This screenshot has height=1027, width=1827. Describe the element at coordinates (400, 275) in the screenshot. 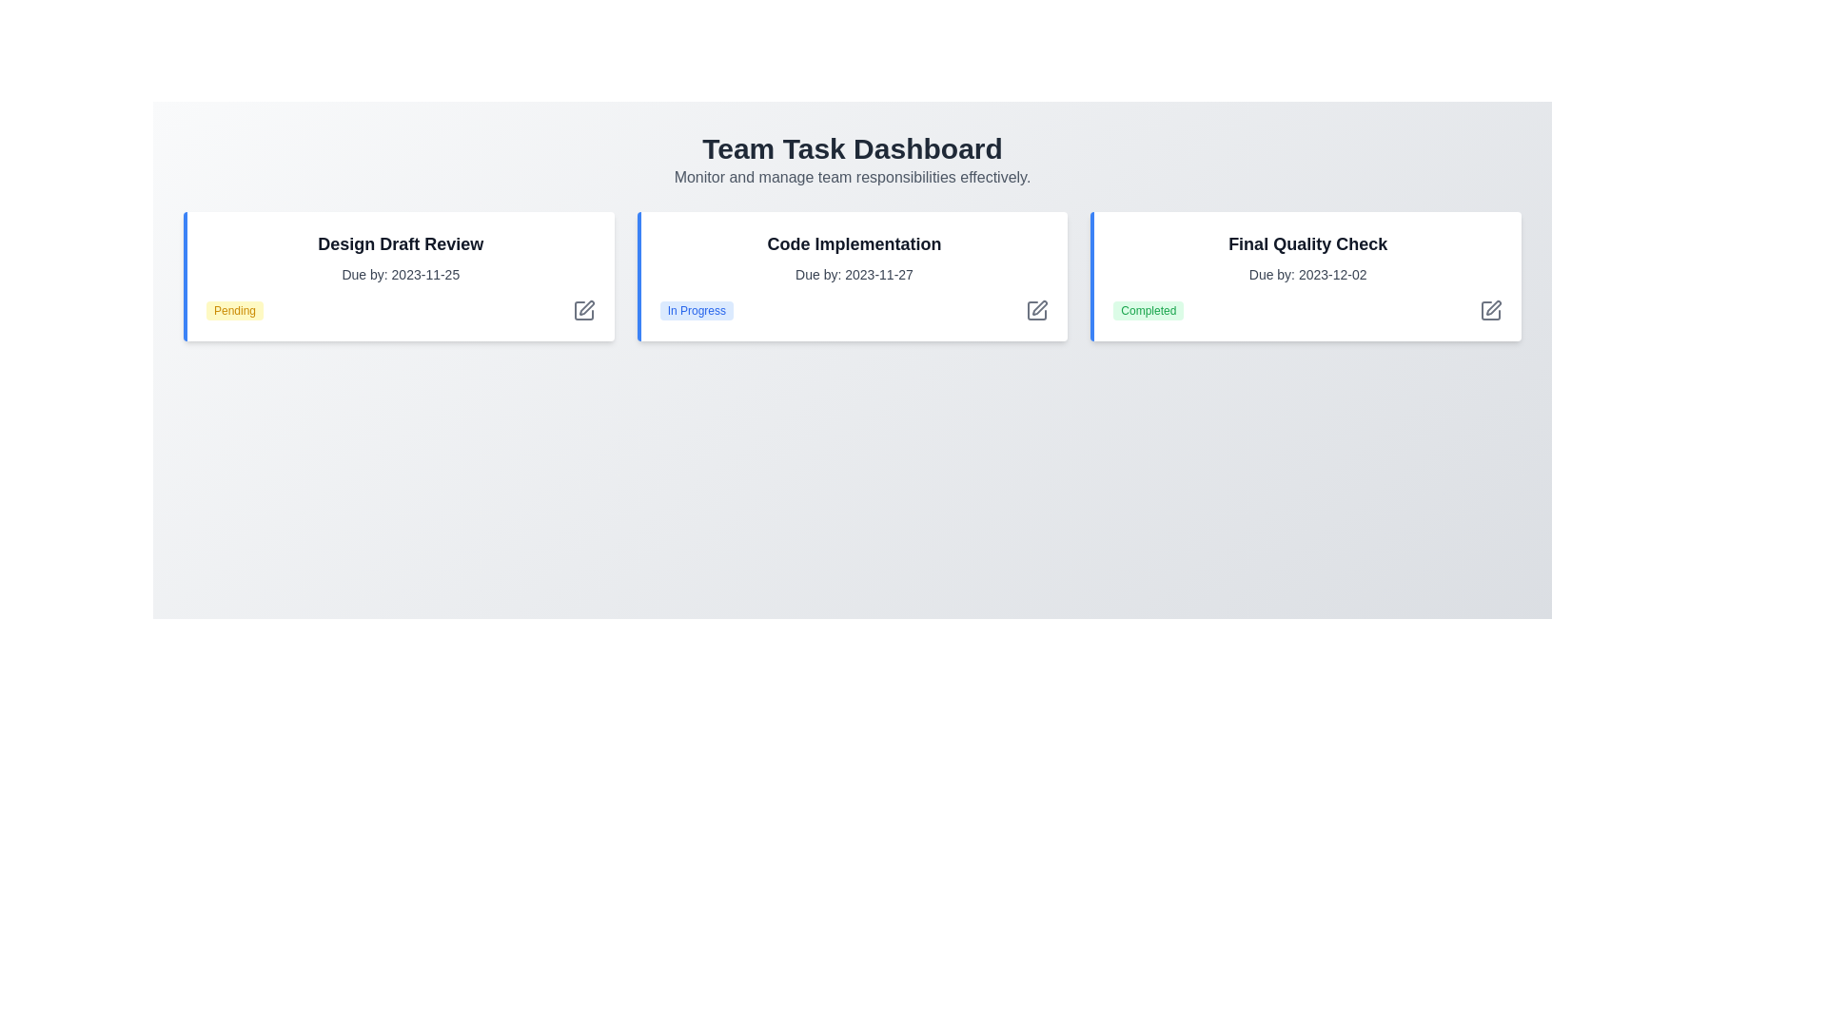

I see `the text label that reads 'Due by: 2023-11-25', which is styled in gray and positioned below the title 'Design Draft Review' in the leftmost card` at that location.